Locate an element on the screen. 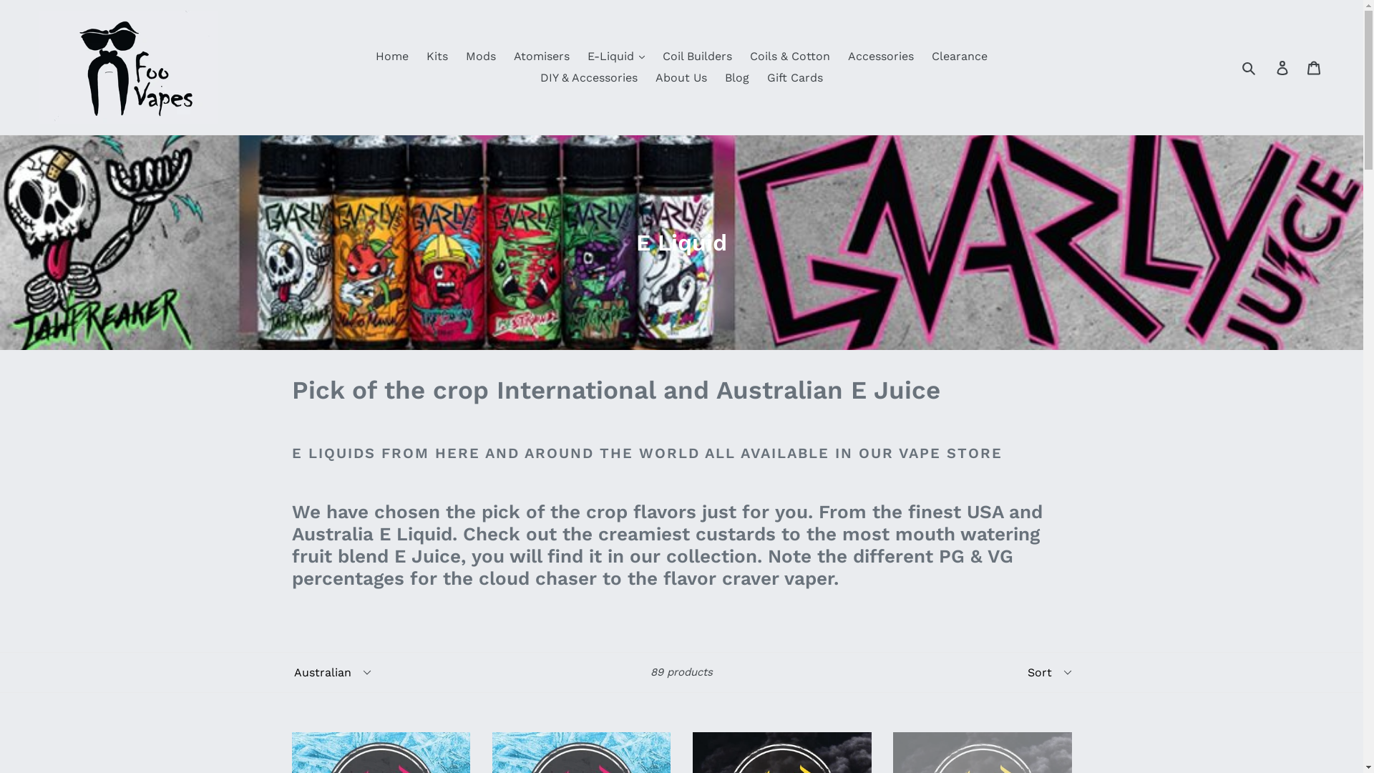 The image size is (1374, 773). 'Home' is located at coordinates (368, 55).